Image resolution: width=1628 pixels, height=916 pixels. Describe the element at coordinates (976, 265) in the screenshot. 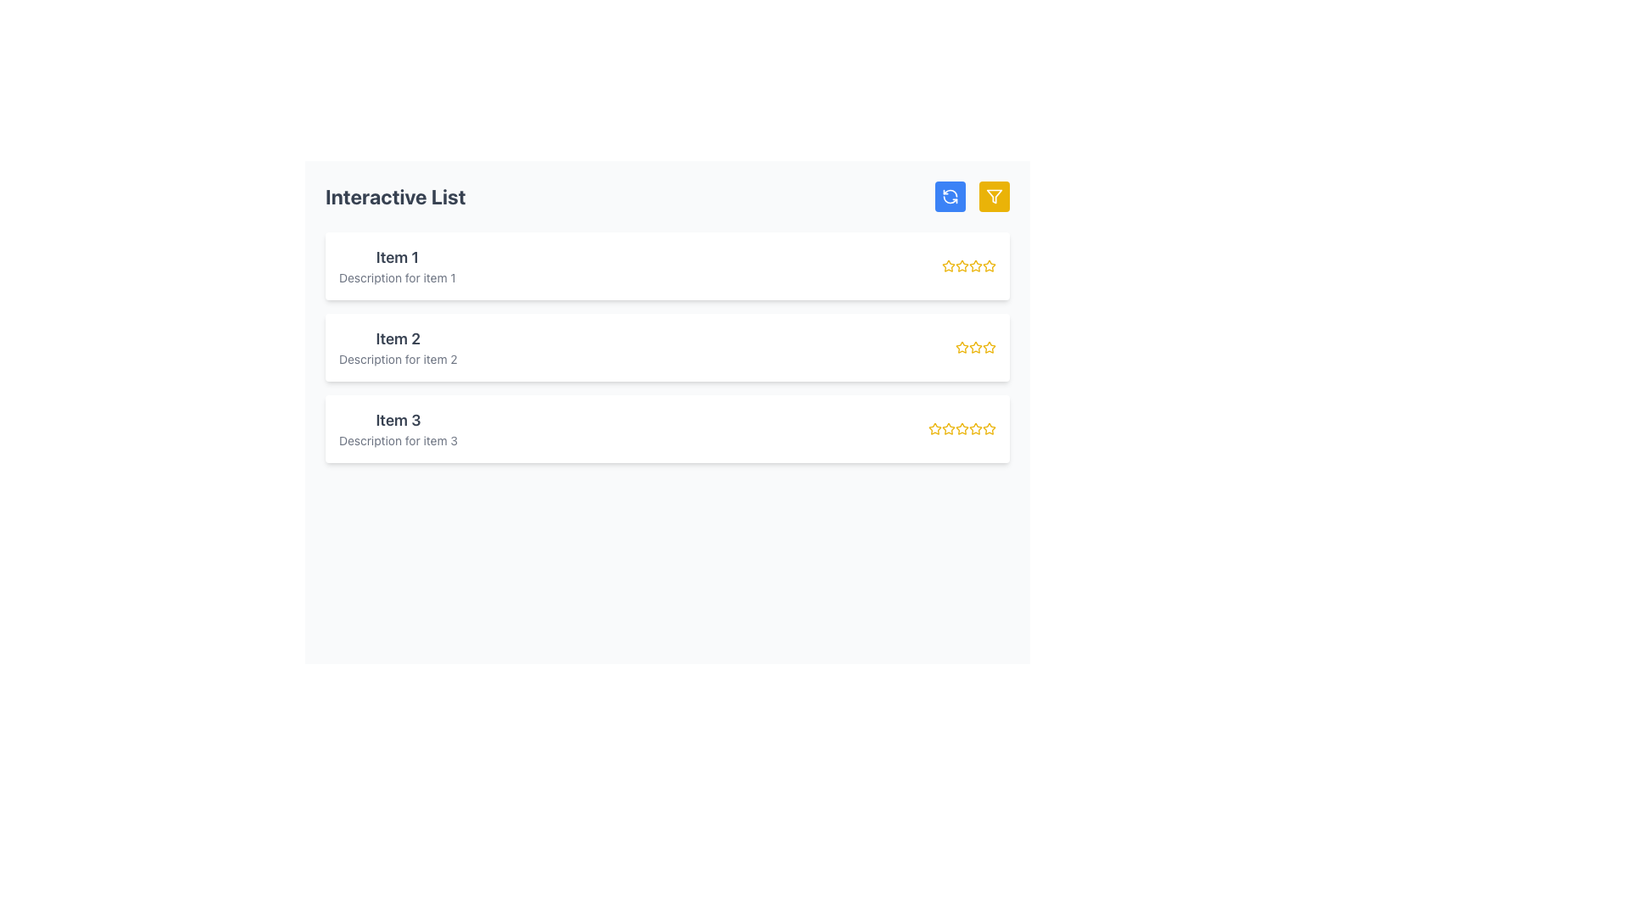

I see `the fourth star icon in the rating system to rate the associated item` at that location.